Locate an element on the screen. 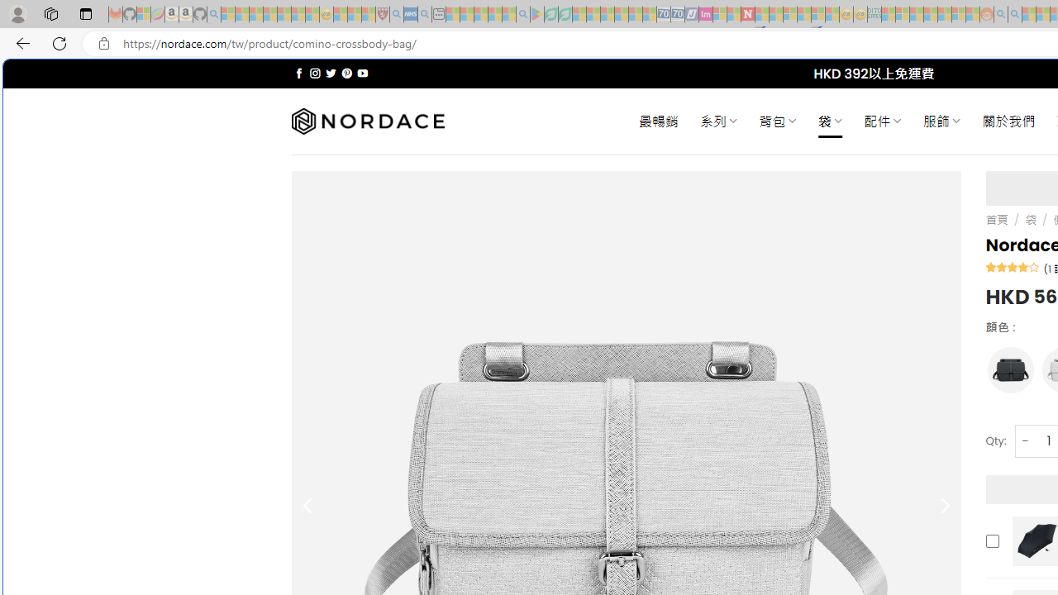 This screenshot has height=595, width=1058. '-' is located at coordinates (1024, 440).